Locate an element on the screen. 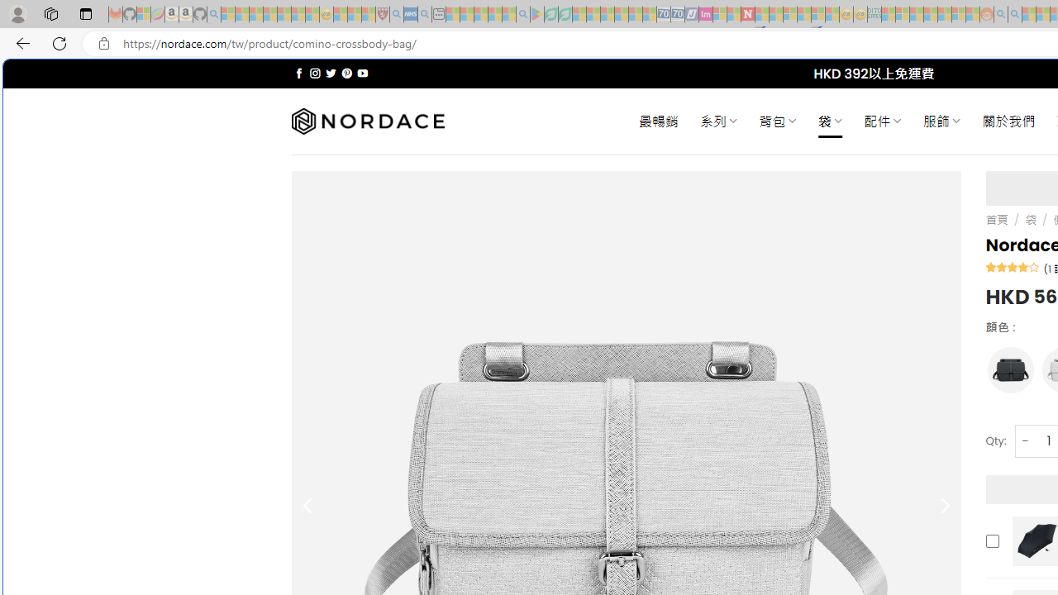 This screenshot has height=595, width=1058. '-' is located at coordinates (1024, 440).